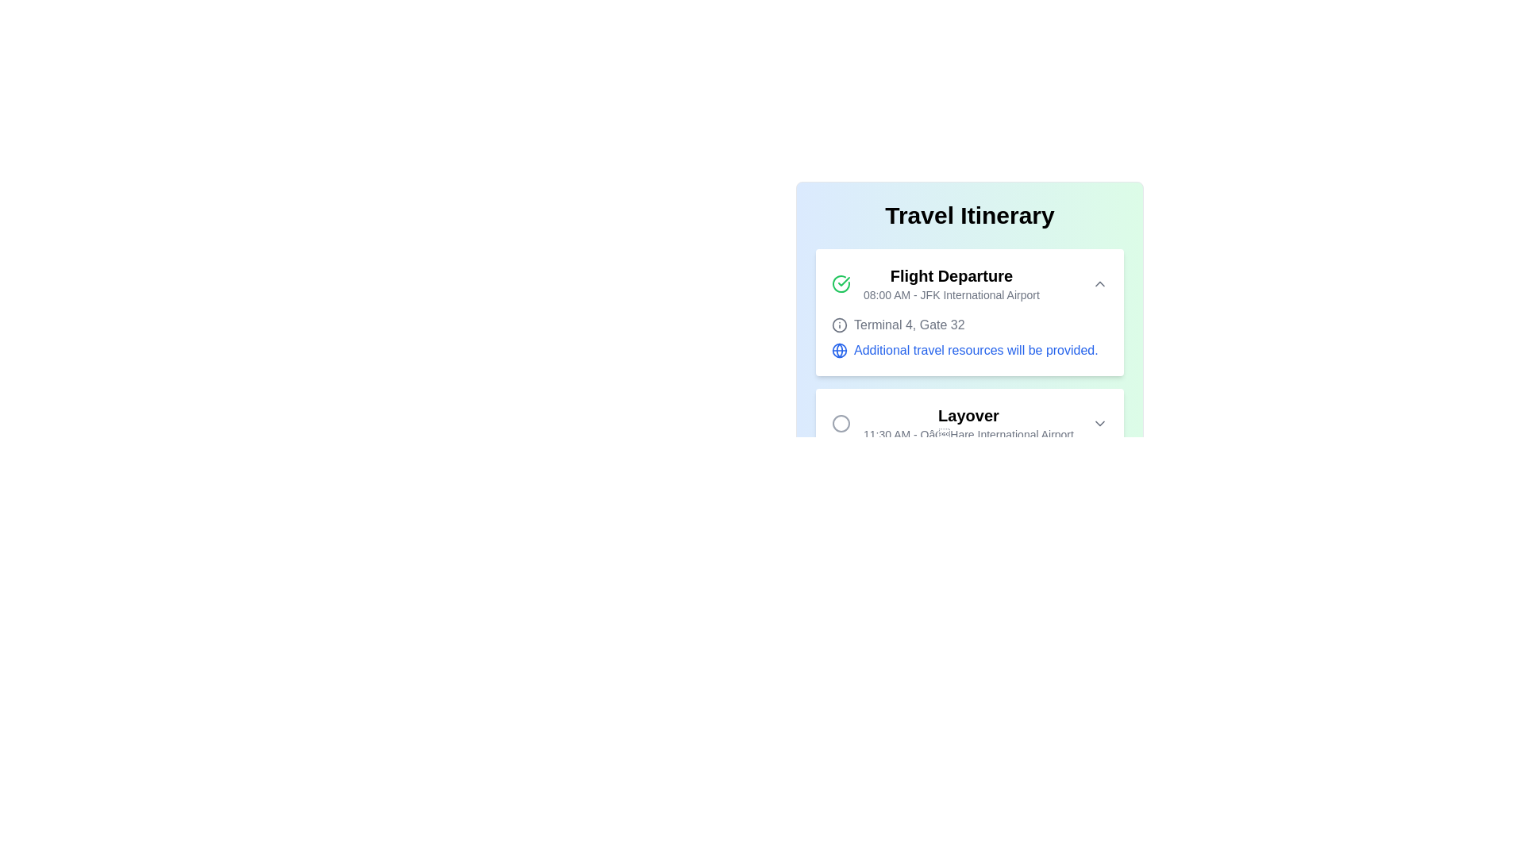 This screenshot has height=857, width=1524. What do you see at coordinates (952, 422) in the screenshot?
I see `the area surrounding the informational text block labeled 'Layover' to unfold further details about the travel itinerary` at bounding box center [952, 422].